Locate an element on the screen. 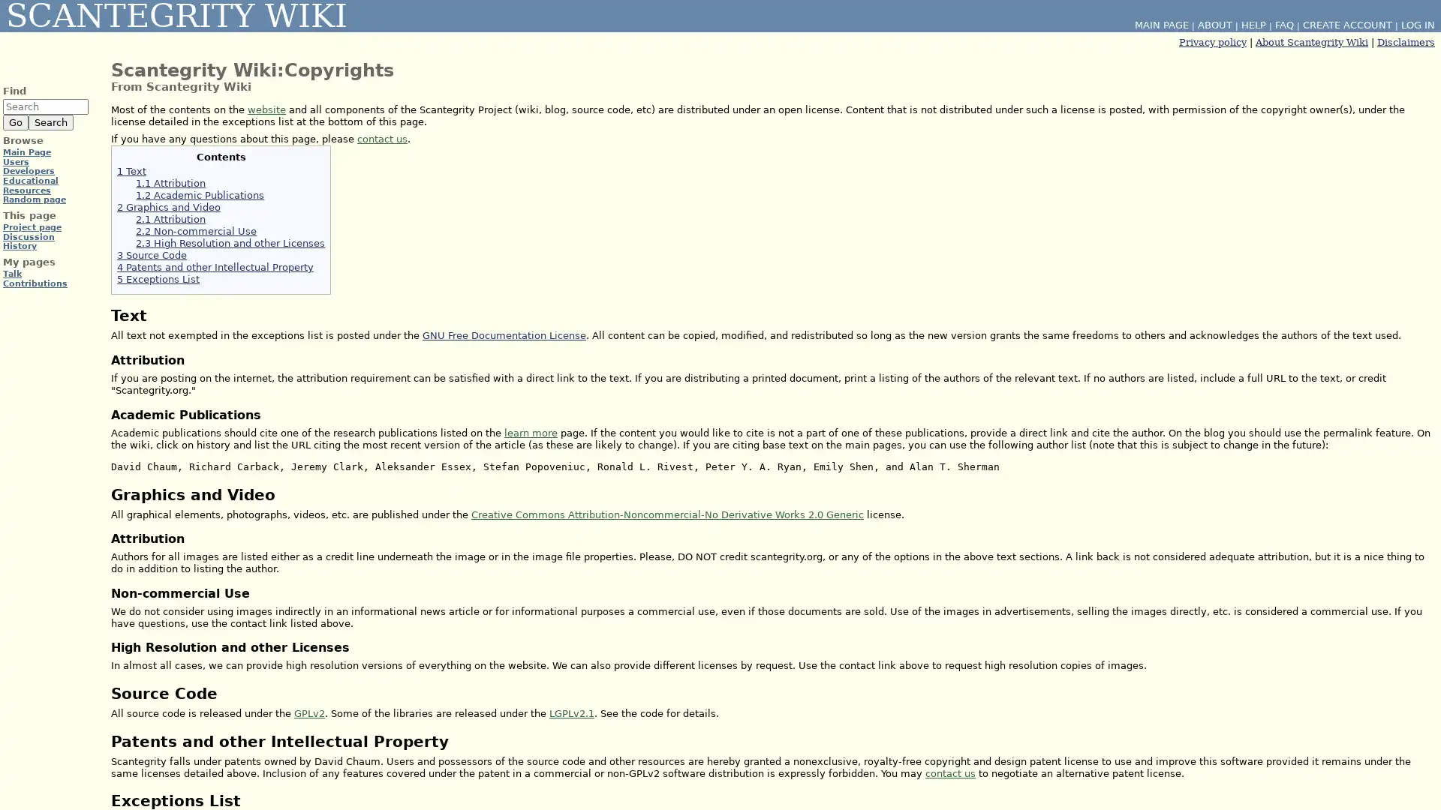 The height and width of the screenshot is (810, 1441). Go is located at coordinates (15, 121).